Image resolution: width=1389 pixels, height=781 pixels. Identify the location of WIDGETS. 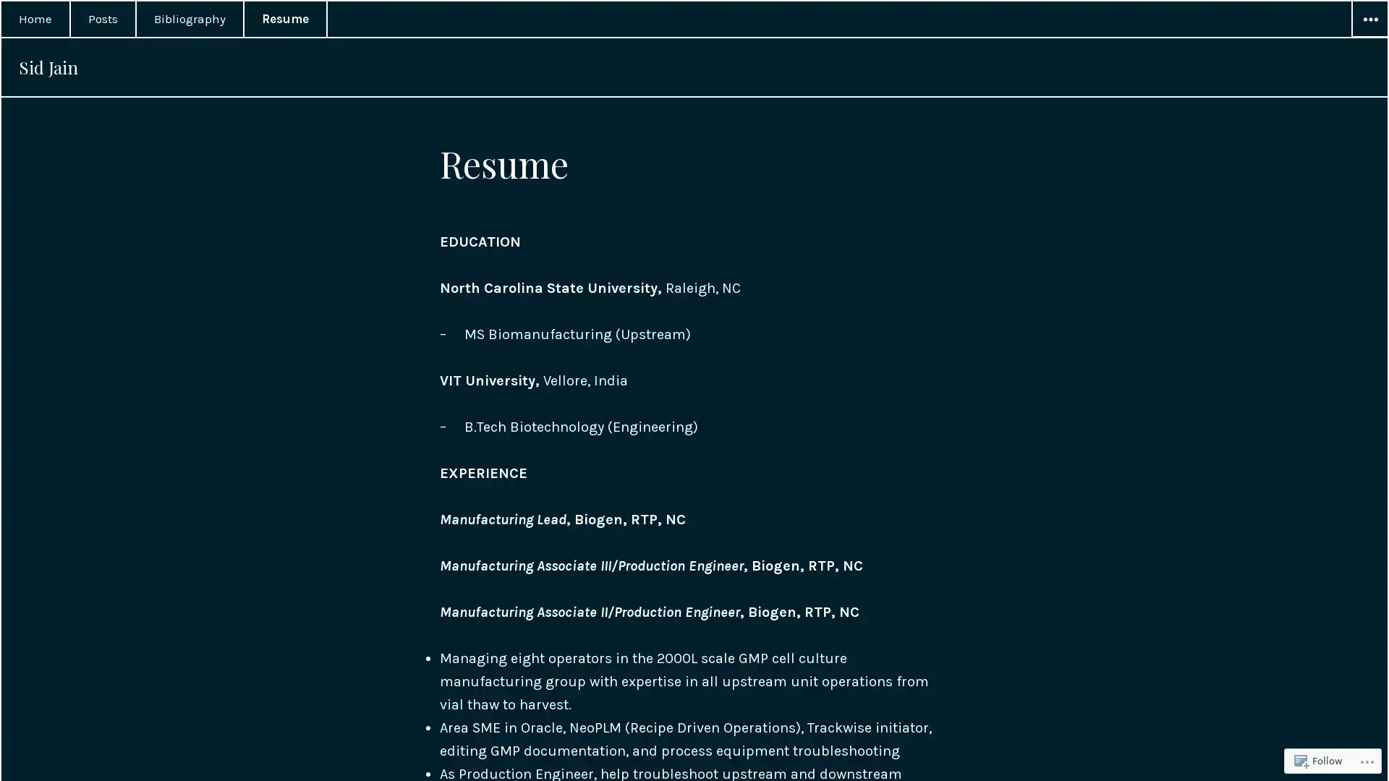
(1368, 20).